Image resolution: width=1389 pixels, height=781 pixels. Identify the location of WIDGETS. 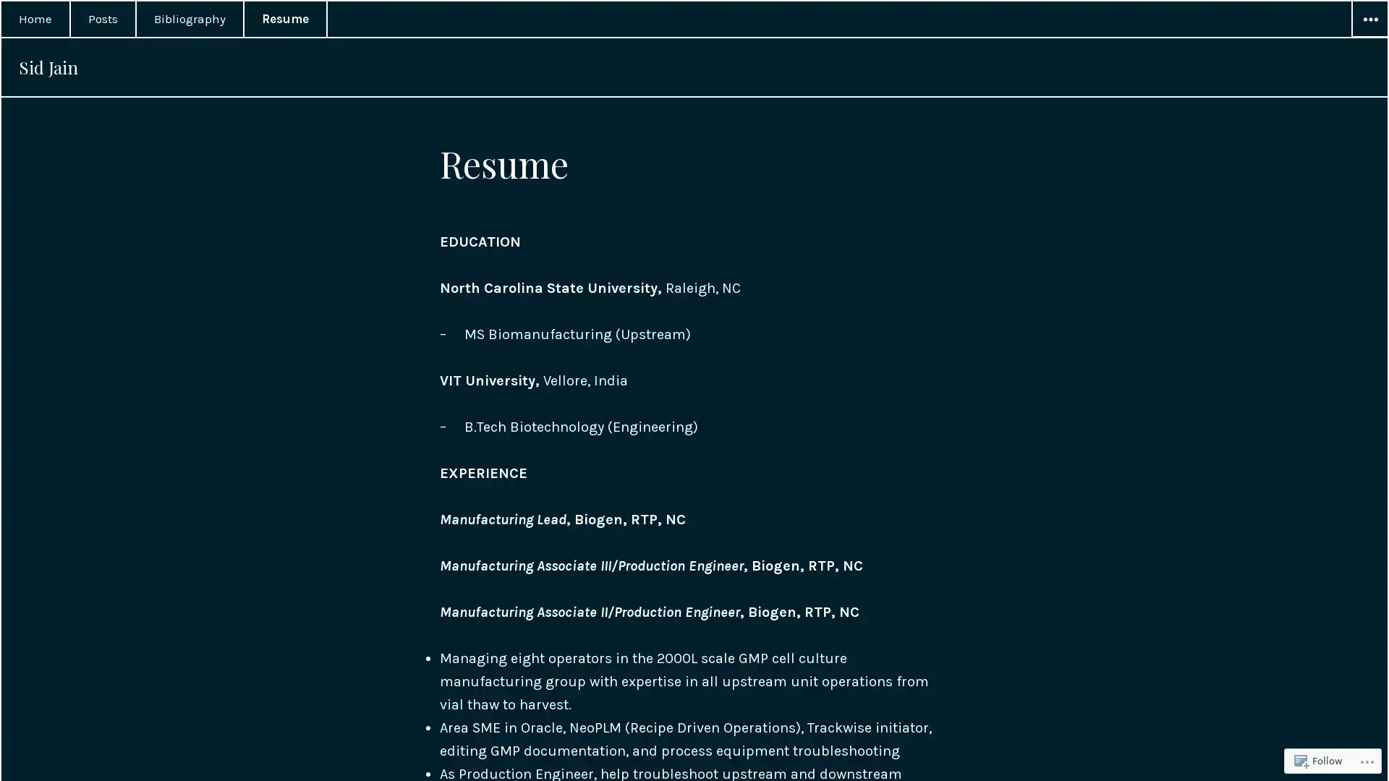
(1368, 20).